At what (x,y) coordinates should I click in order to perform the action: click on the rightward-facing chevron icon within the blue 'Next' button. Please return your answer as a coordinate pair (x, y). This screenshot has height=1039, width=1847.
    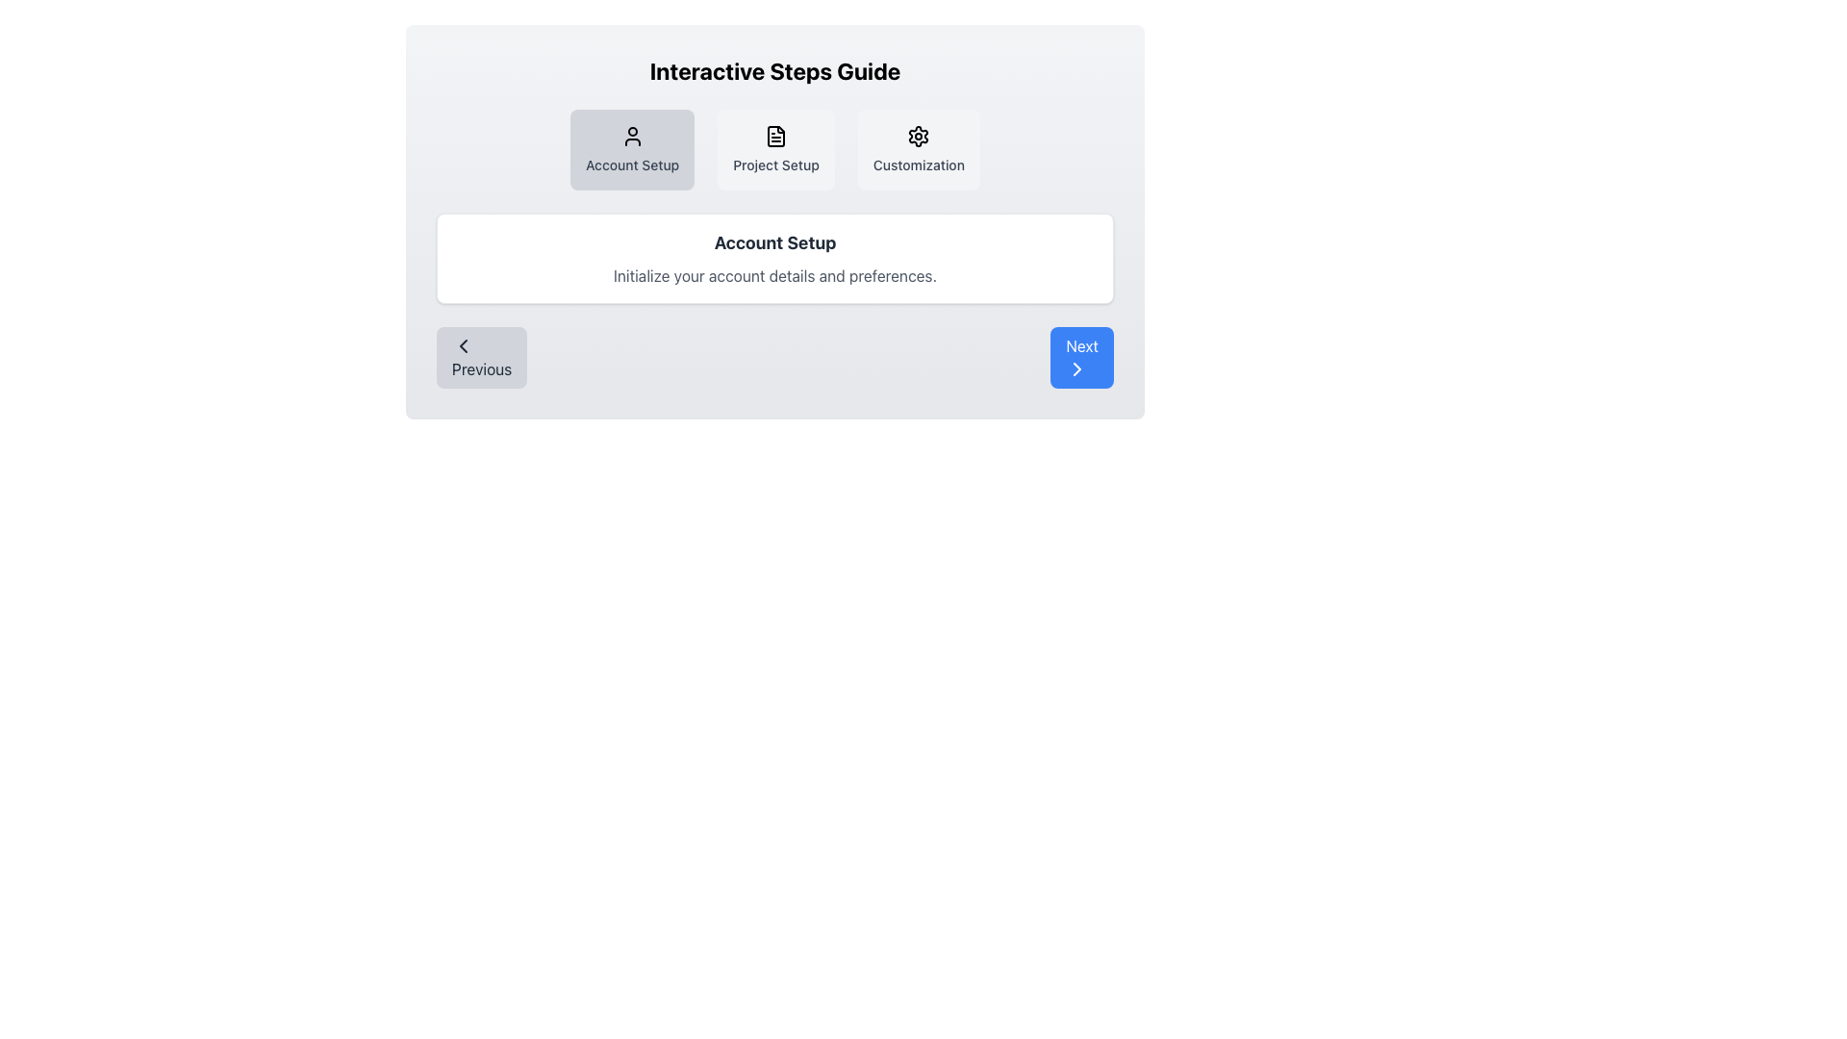
    Looking at the image, I should click on (1077, 369).